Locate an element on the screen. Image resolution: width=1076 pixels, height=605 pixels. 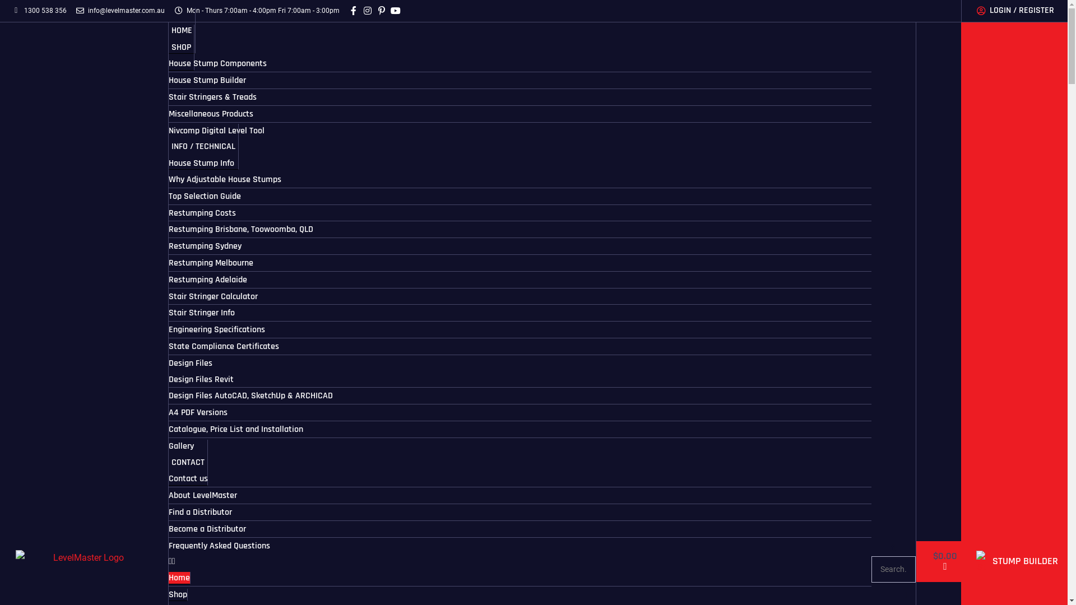
'$0.00' is located at coordinates (944, 561).